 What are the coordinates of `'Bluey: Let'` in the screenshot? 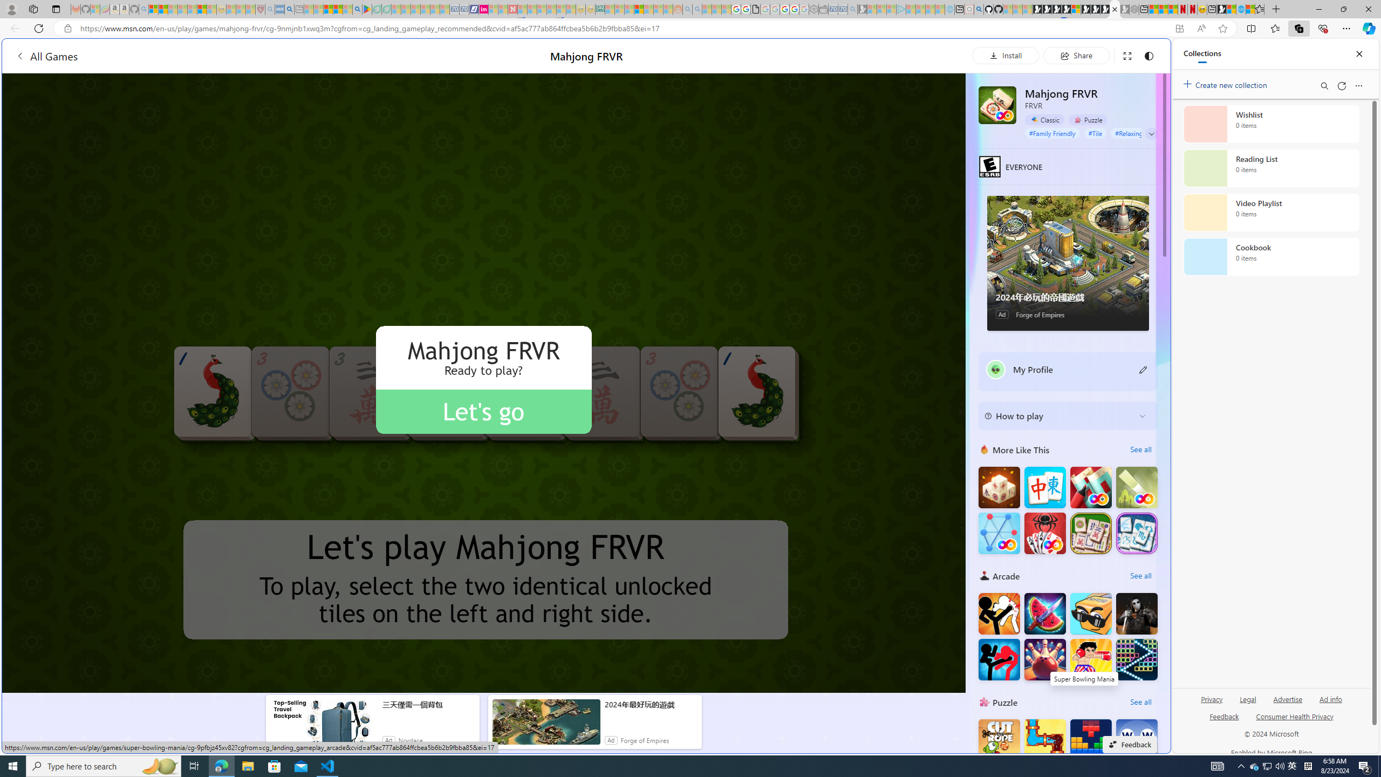 It's located at (367, 9).